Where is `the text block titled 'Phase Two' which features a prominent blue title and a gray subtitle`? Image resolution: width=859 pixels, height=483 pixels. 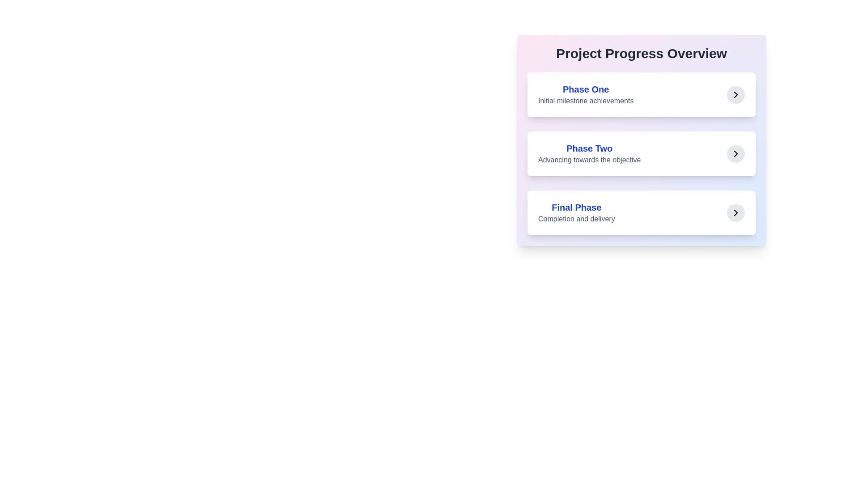 the text block titled 'Phase Two' which features a prominent blue title and a gray subtitle is located at coordinates (589, 153).